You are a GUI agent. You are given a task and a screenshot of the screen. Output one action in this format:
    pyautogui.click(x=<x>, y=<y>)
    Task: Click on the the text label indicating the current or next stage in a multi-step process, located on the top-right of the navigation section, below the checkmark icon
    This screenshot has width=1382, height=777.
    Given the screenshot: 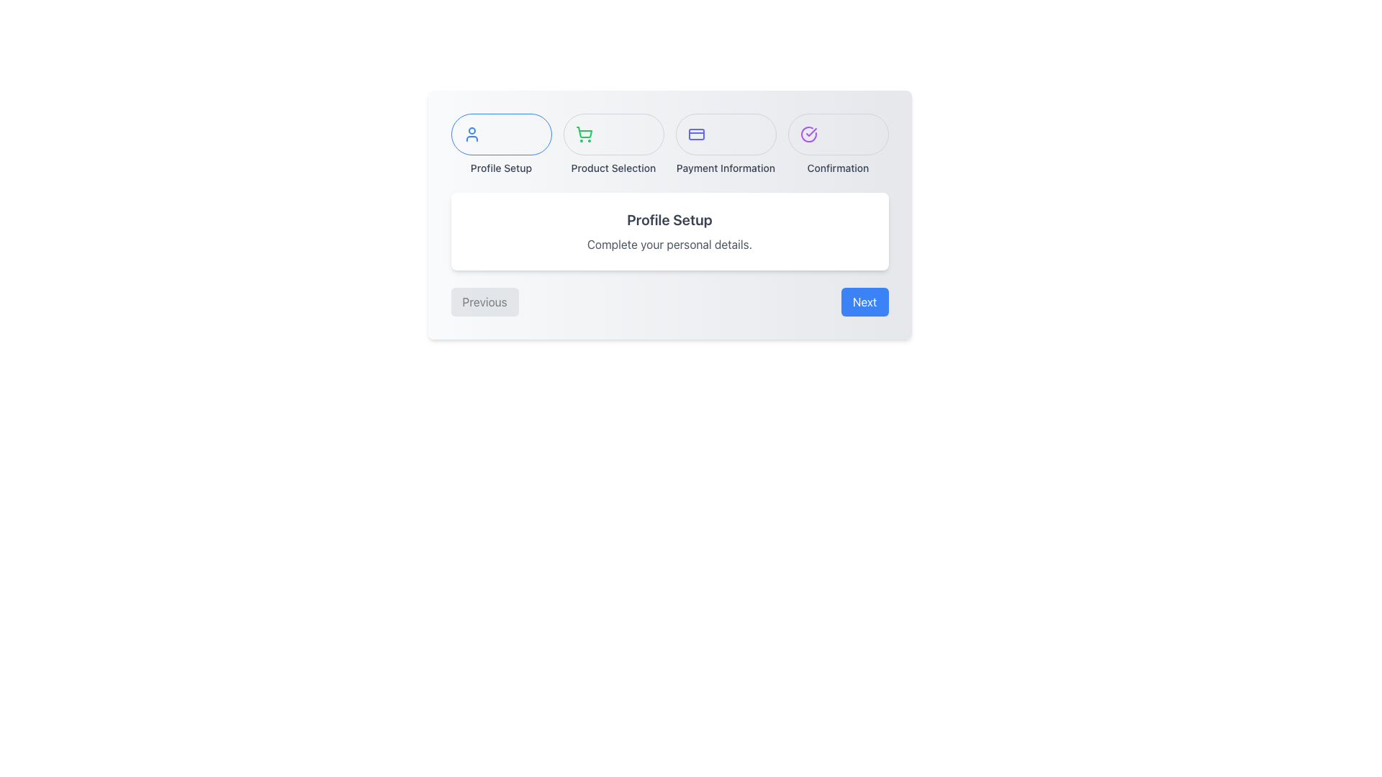 What is the action you would take?
    pyautogui.click(x=838, y=168)
    